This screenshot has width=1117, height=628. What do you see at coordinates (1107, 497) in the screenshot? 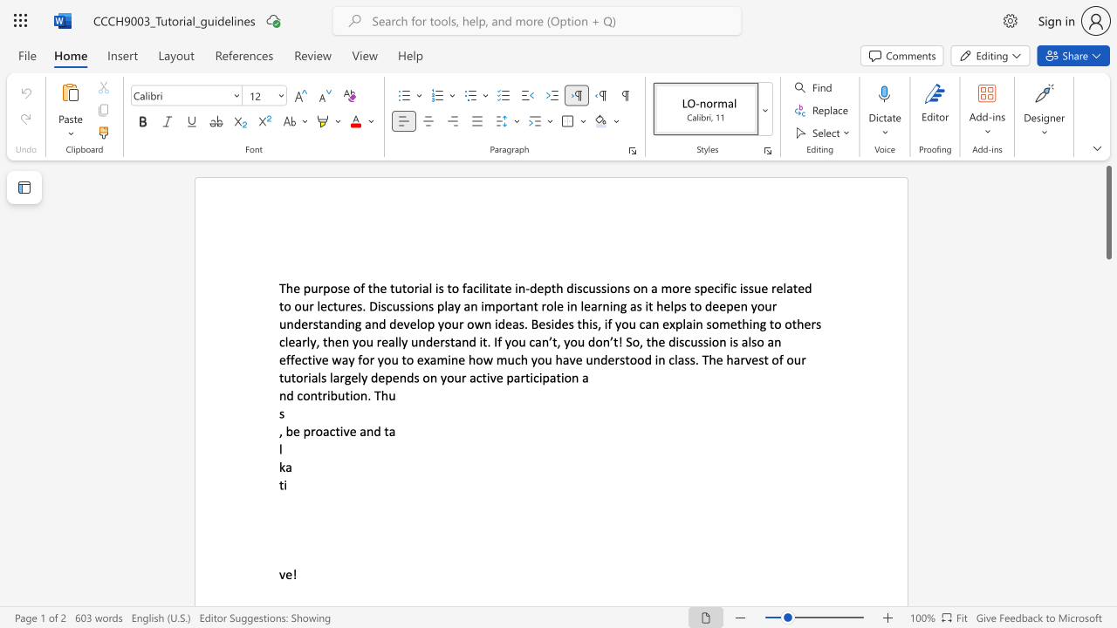
I see `the side scrollbar to bring the page down` at bounding box center [1107, 497].